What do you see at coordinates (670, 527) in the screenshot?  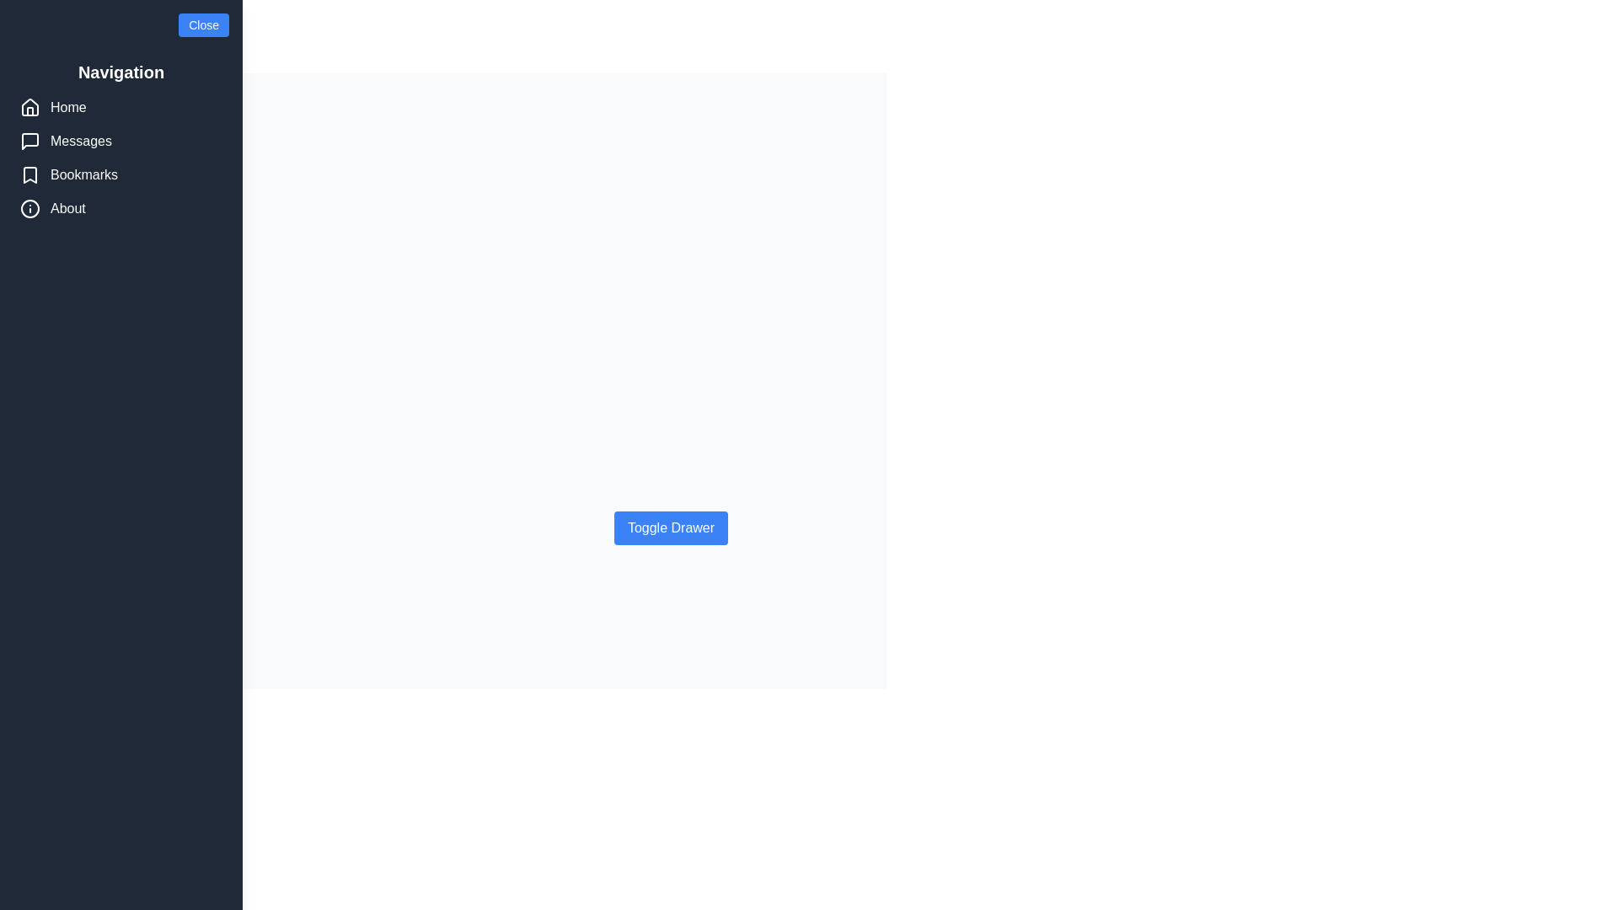 I see `the 'Toggle Drawer' button to toggle the drawer` at bounding box center [670, 527].